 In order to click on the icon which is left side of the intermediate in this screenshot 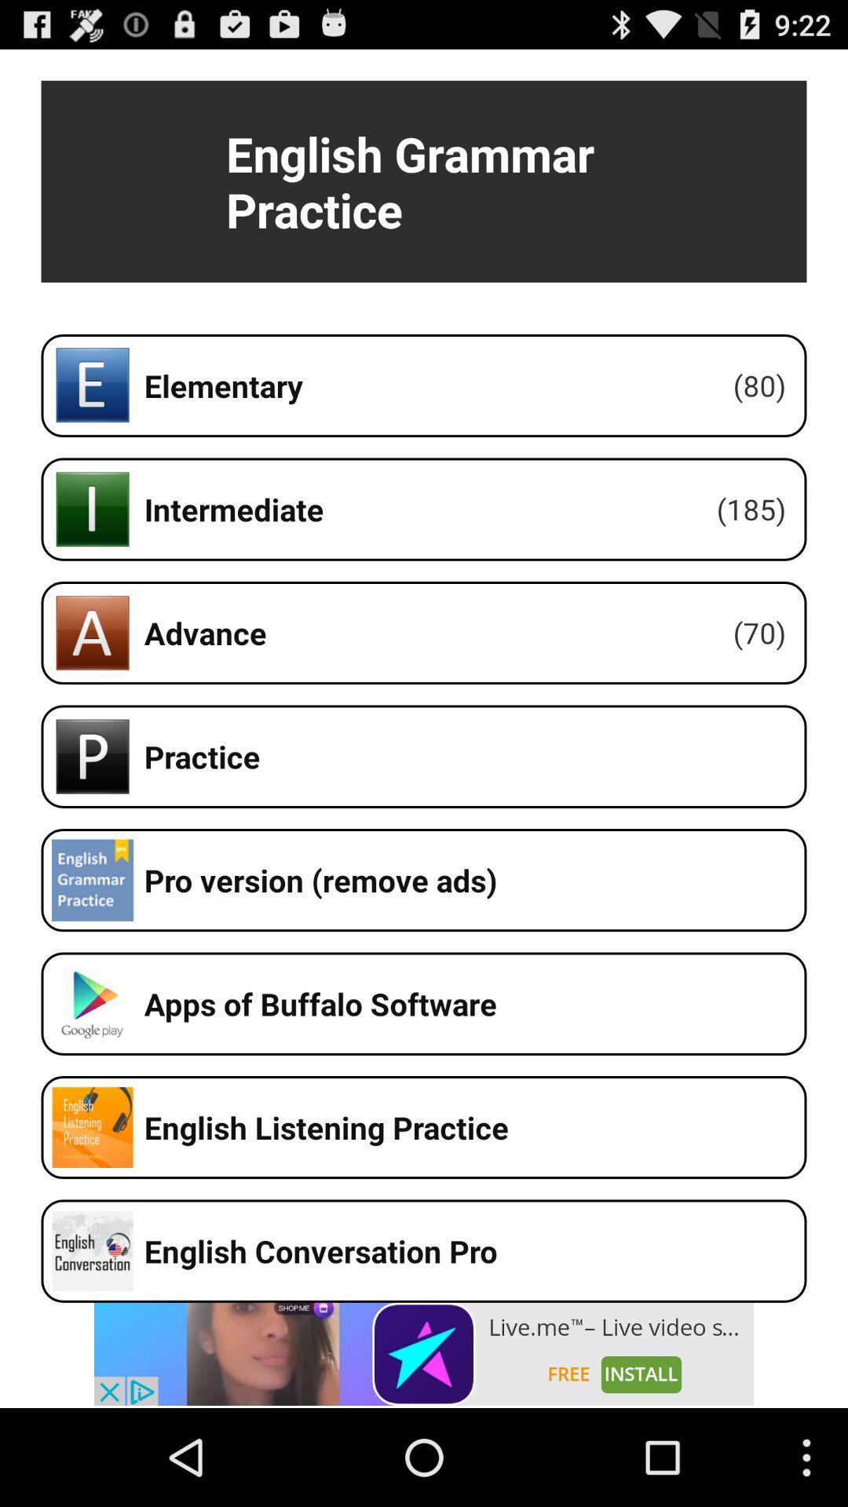, I will do `click(93, 509)`.